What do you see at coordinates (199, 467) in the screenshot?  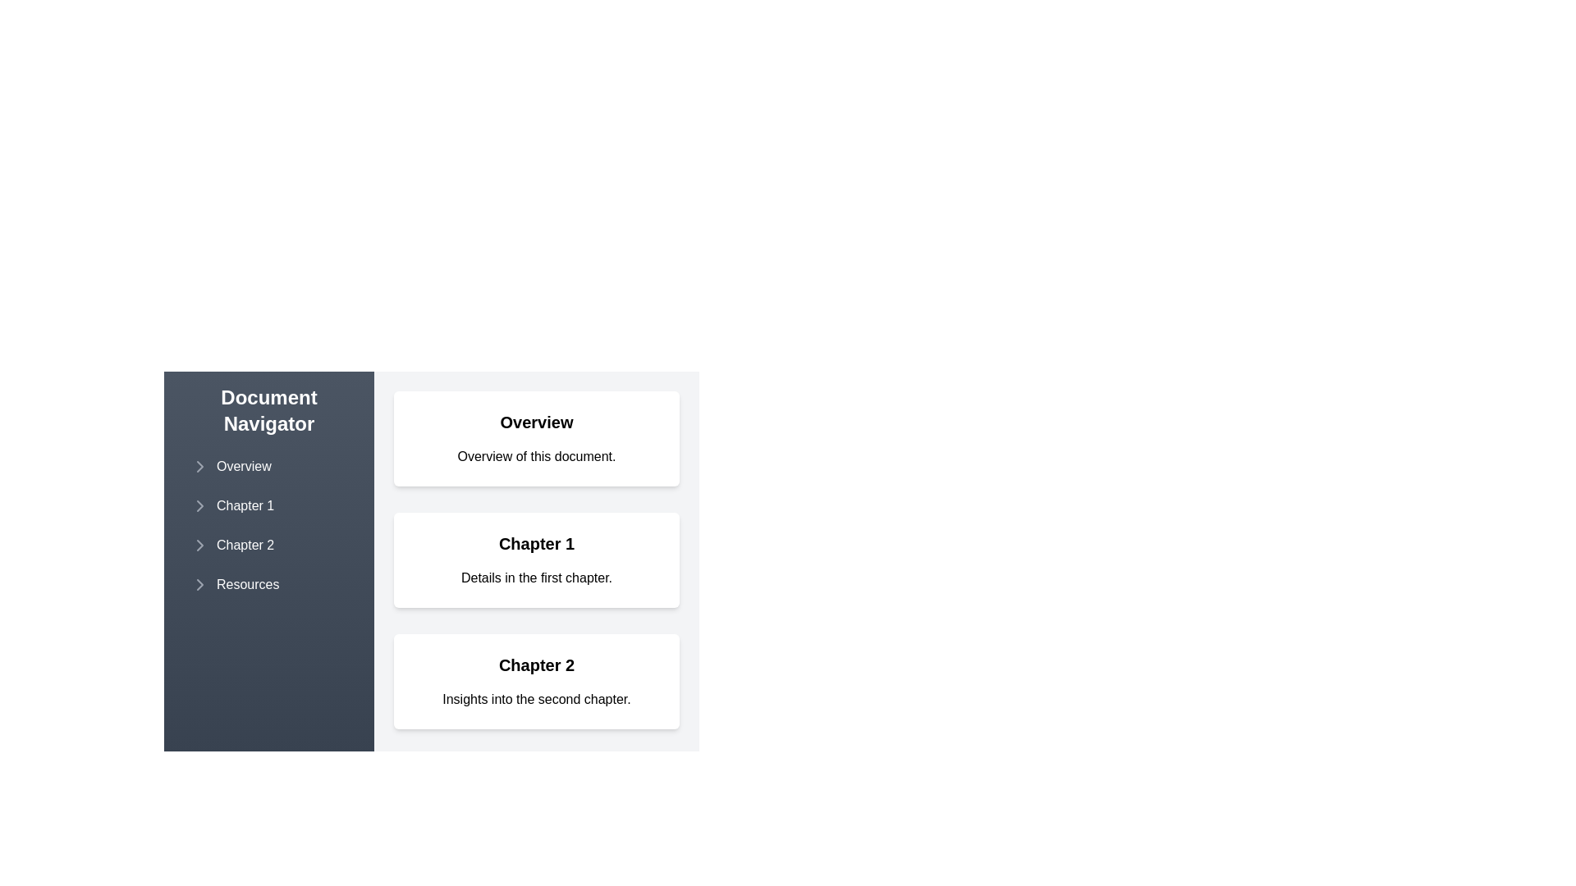 I see `the rightward-pointing chevron arrow icon located next to the 'Overview' text label in the navigation panel to receive visual feedback` at bounding box center [199, 467].